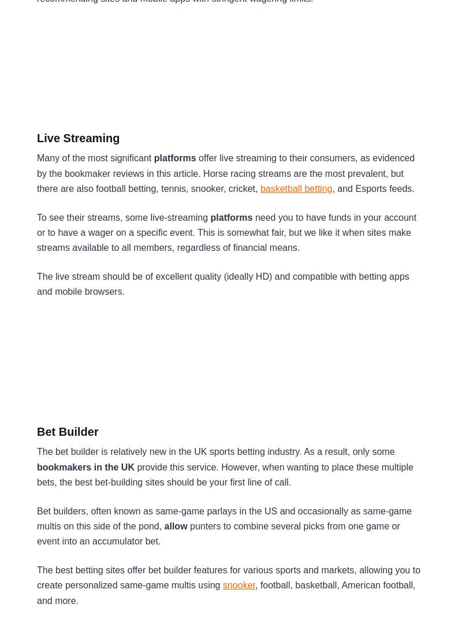 The height and width of the screenshot is (619, 462). I want to click on 'To see their streams, some live-streaming', so click(124, 216).